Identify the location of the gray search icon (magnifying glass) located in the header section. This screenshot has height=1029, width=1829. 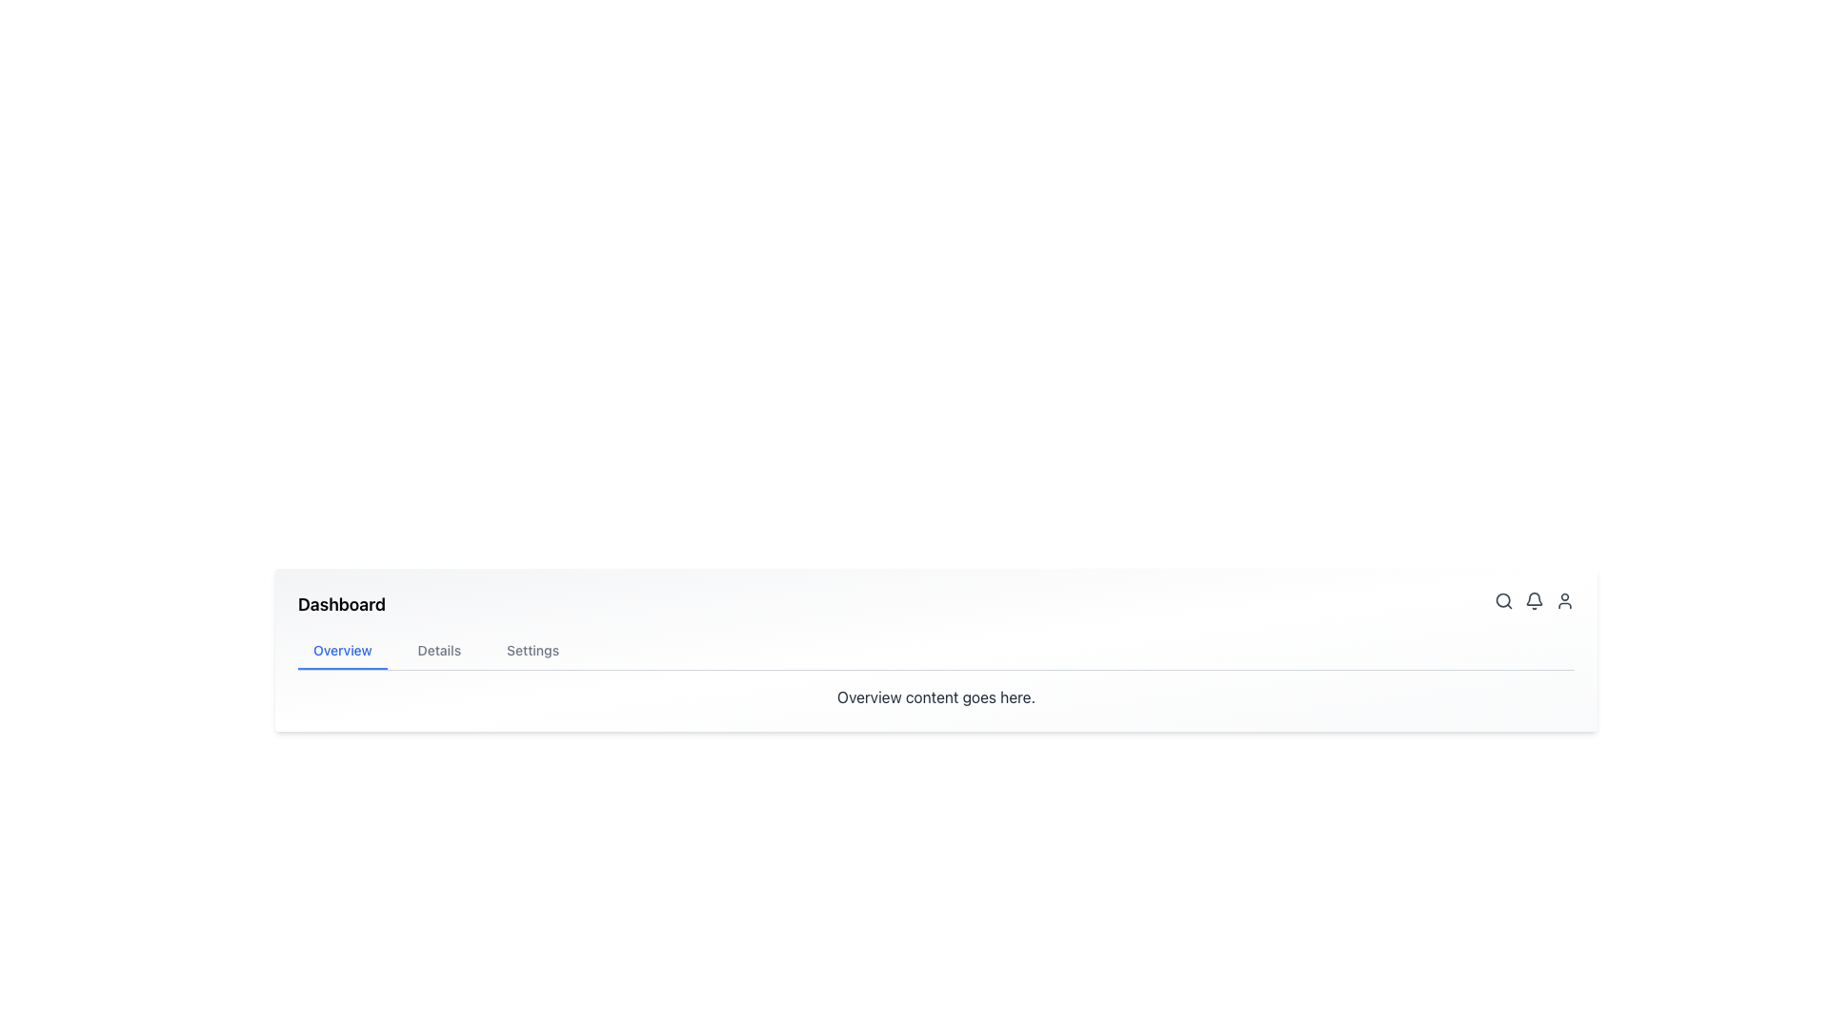
(1503, 601).